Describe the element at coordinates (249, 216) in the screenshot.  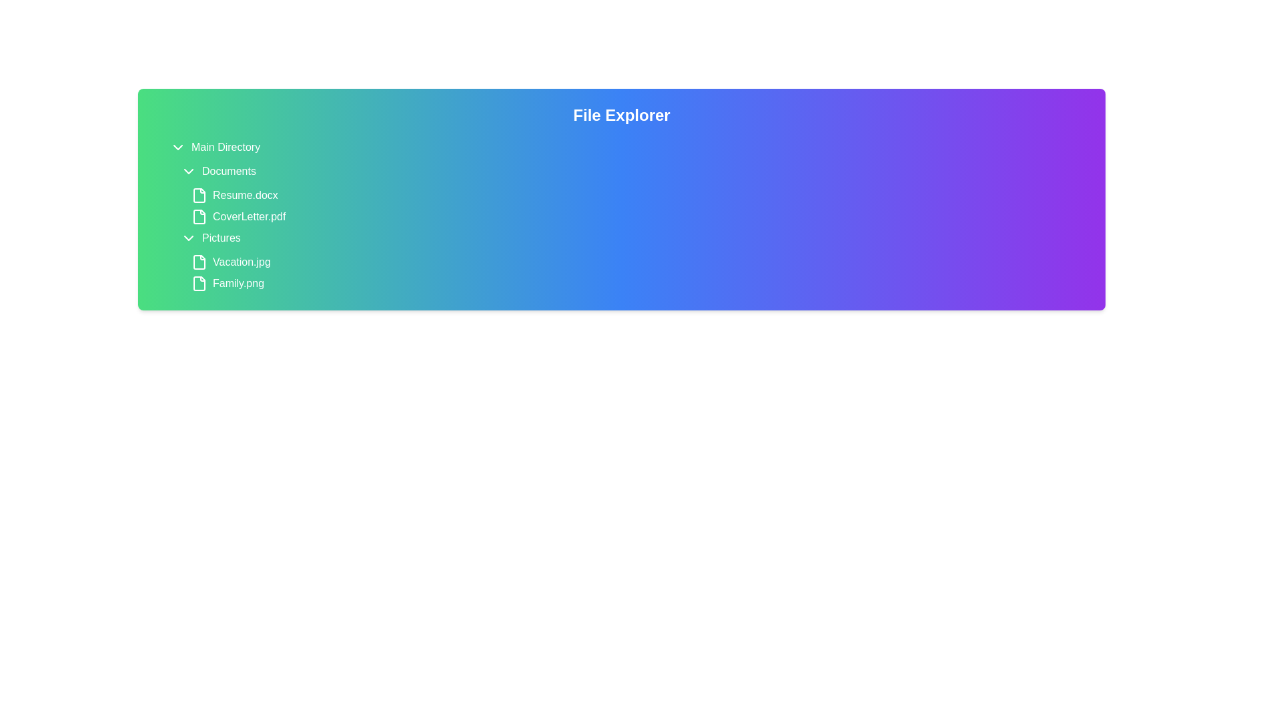
I see `the text label displaying 'CoverLetter.pdf' located in the file browsing interface, positioned below 'Resume.docx' in the 'Documents' folder` at that location.